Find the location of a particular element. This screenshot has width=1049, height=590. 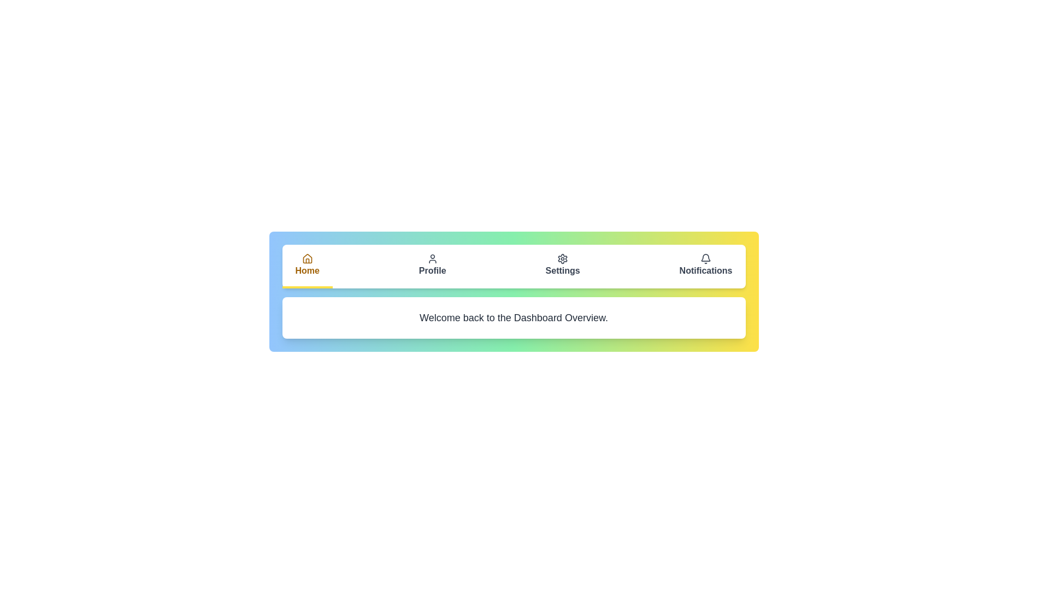

the 'Settings' text label in the navigation bar is located at coordinates (563, 270).